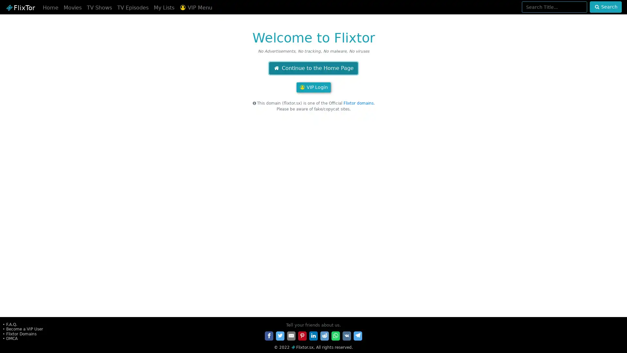 The height and width of the screenshot is (353, 627). I want to click on Search, so click(605, 7).